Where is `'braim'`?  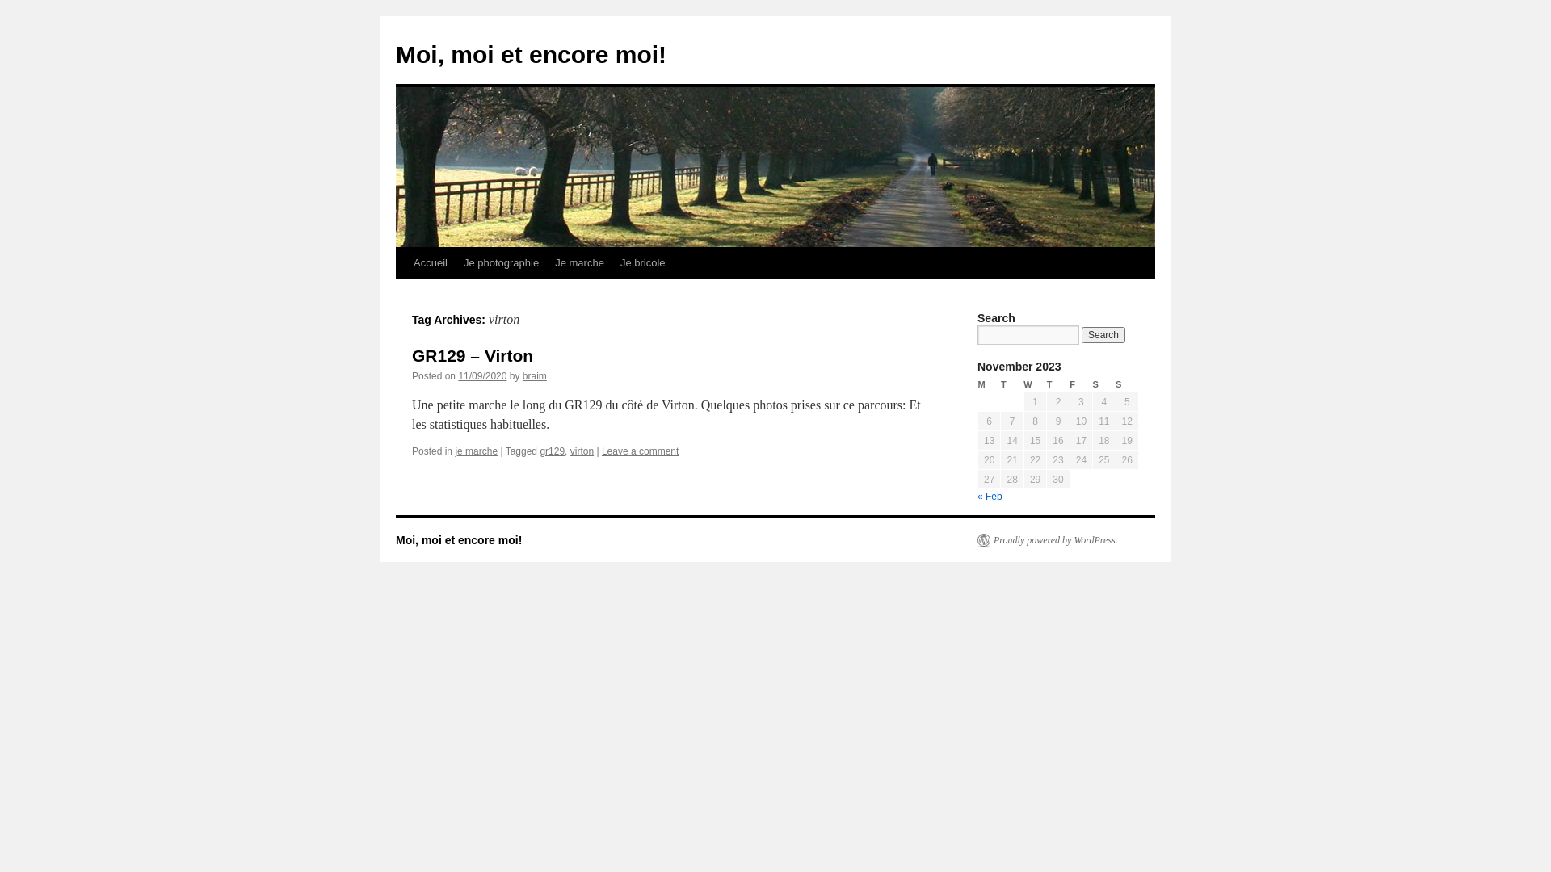 'braim' is located at coordinates (535, 376).